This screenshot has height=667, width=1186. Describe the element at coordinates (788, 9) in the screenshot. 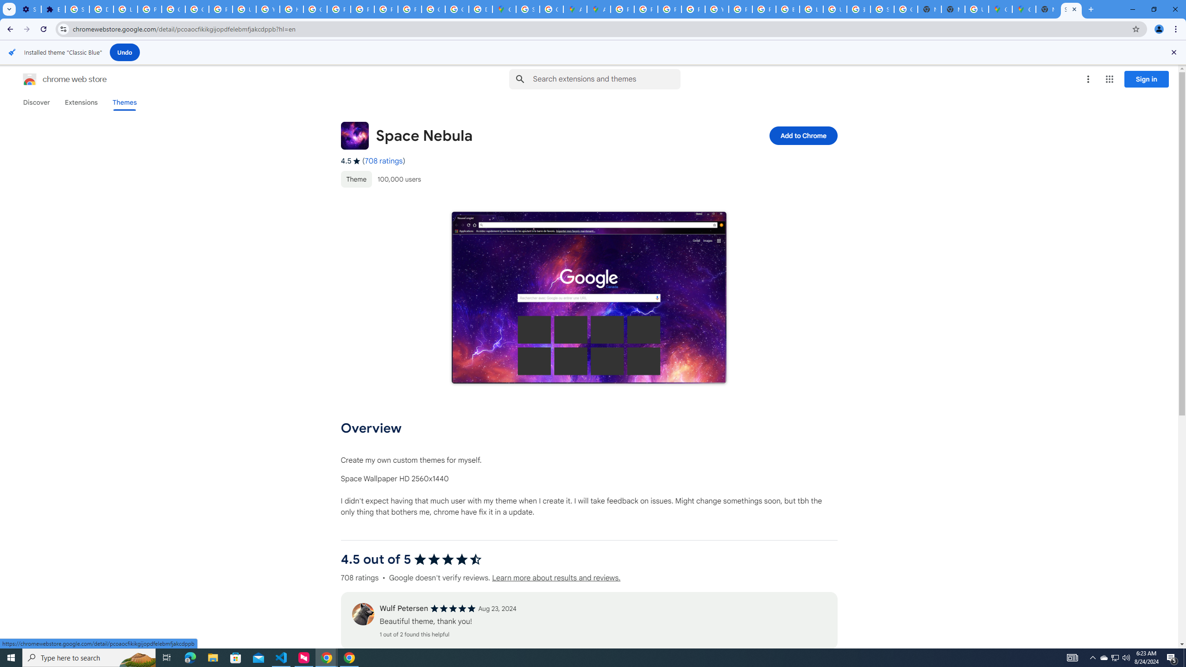

I see `'Browse Chrome as a guest - Computer - Google Chrome Help'` at that location.